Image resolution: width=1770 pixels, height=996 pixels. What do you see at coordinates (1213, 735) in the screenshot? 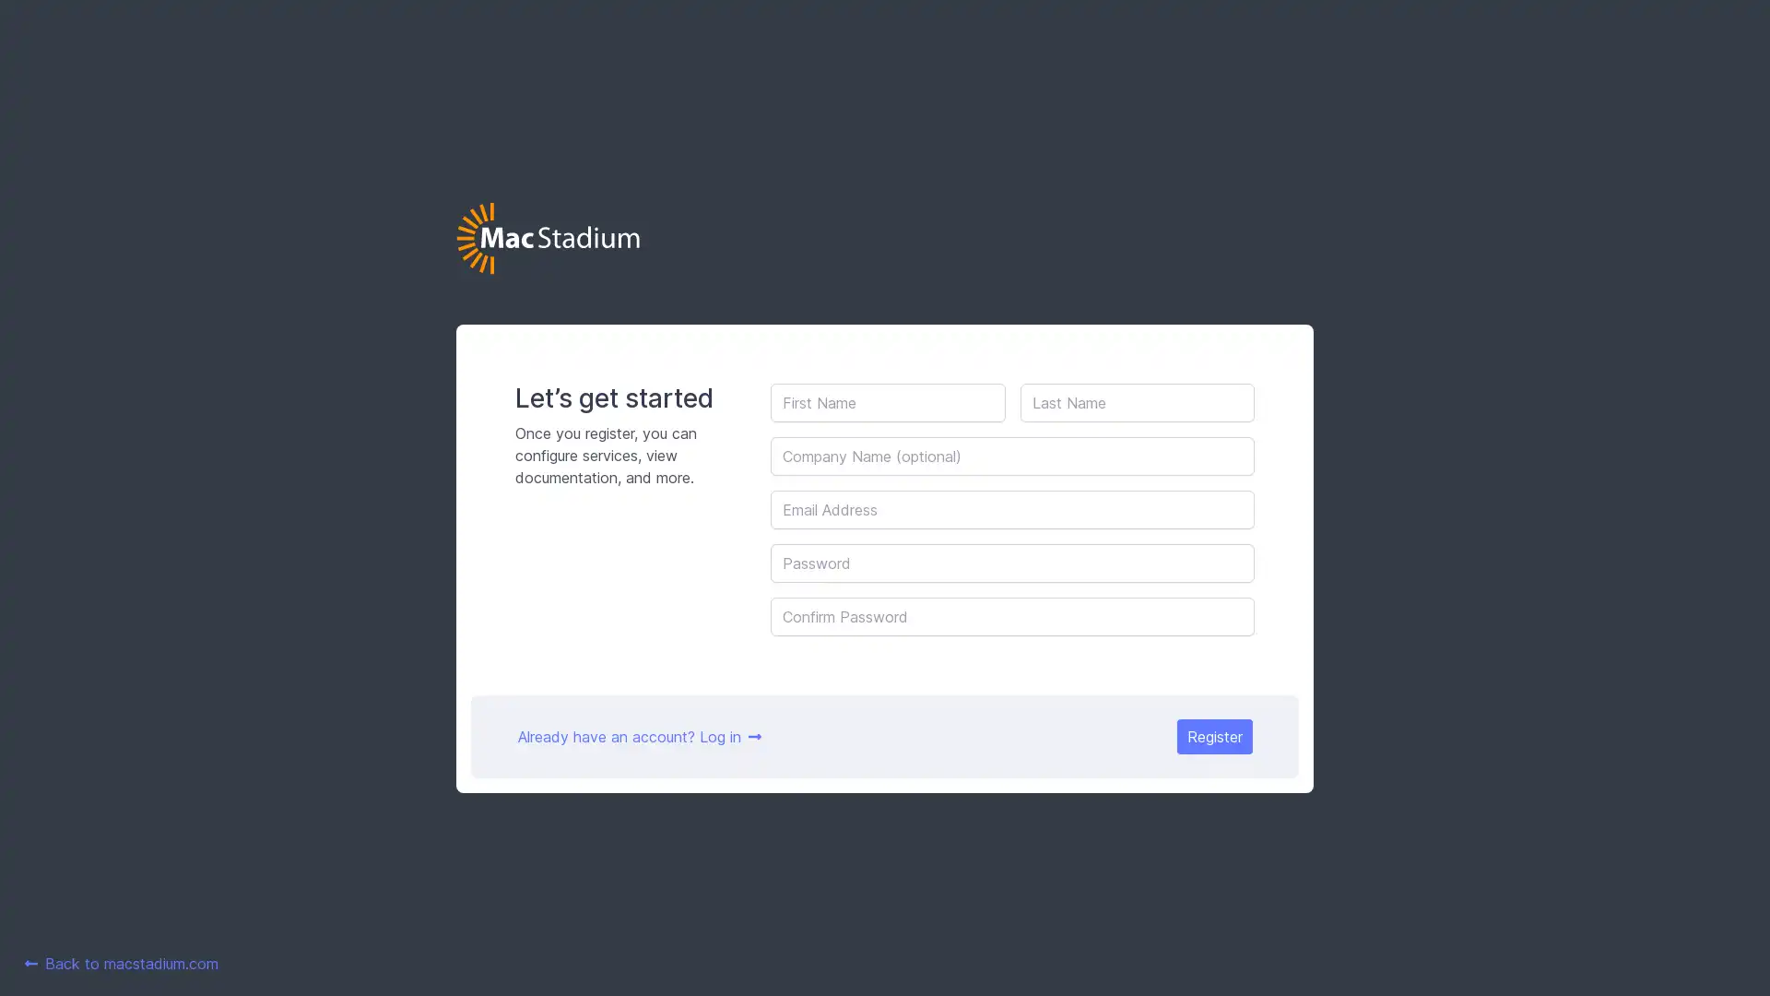
I see `Register` at bounding box center [1213, 735].